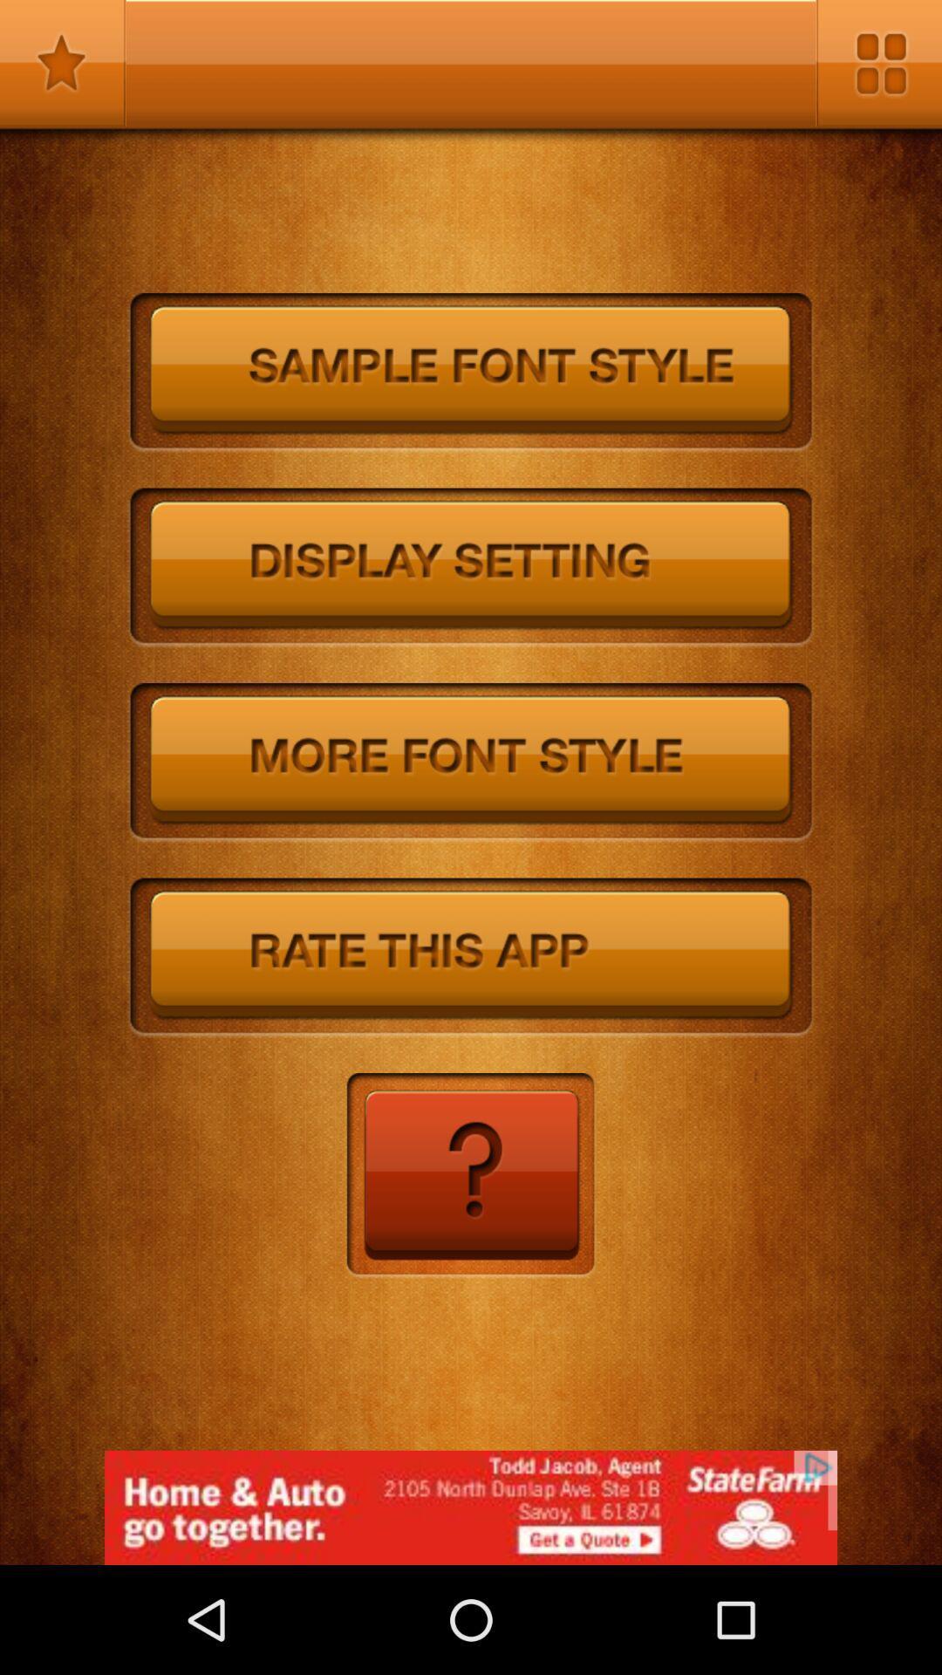 Image resolution: width=942 pixels, height=1675 pixels. Describe the element at coordinates (471, 1507) in the screenshot. I see `for advertisement` at that location.